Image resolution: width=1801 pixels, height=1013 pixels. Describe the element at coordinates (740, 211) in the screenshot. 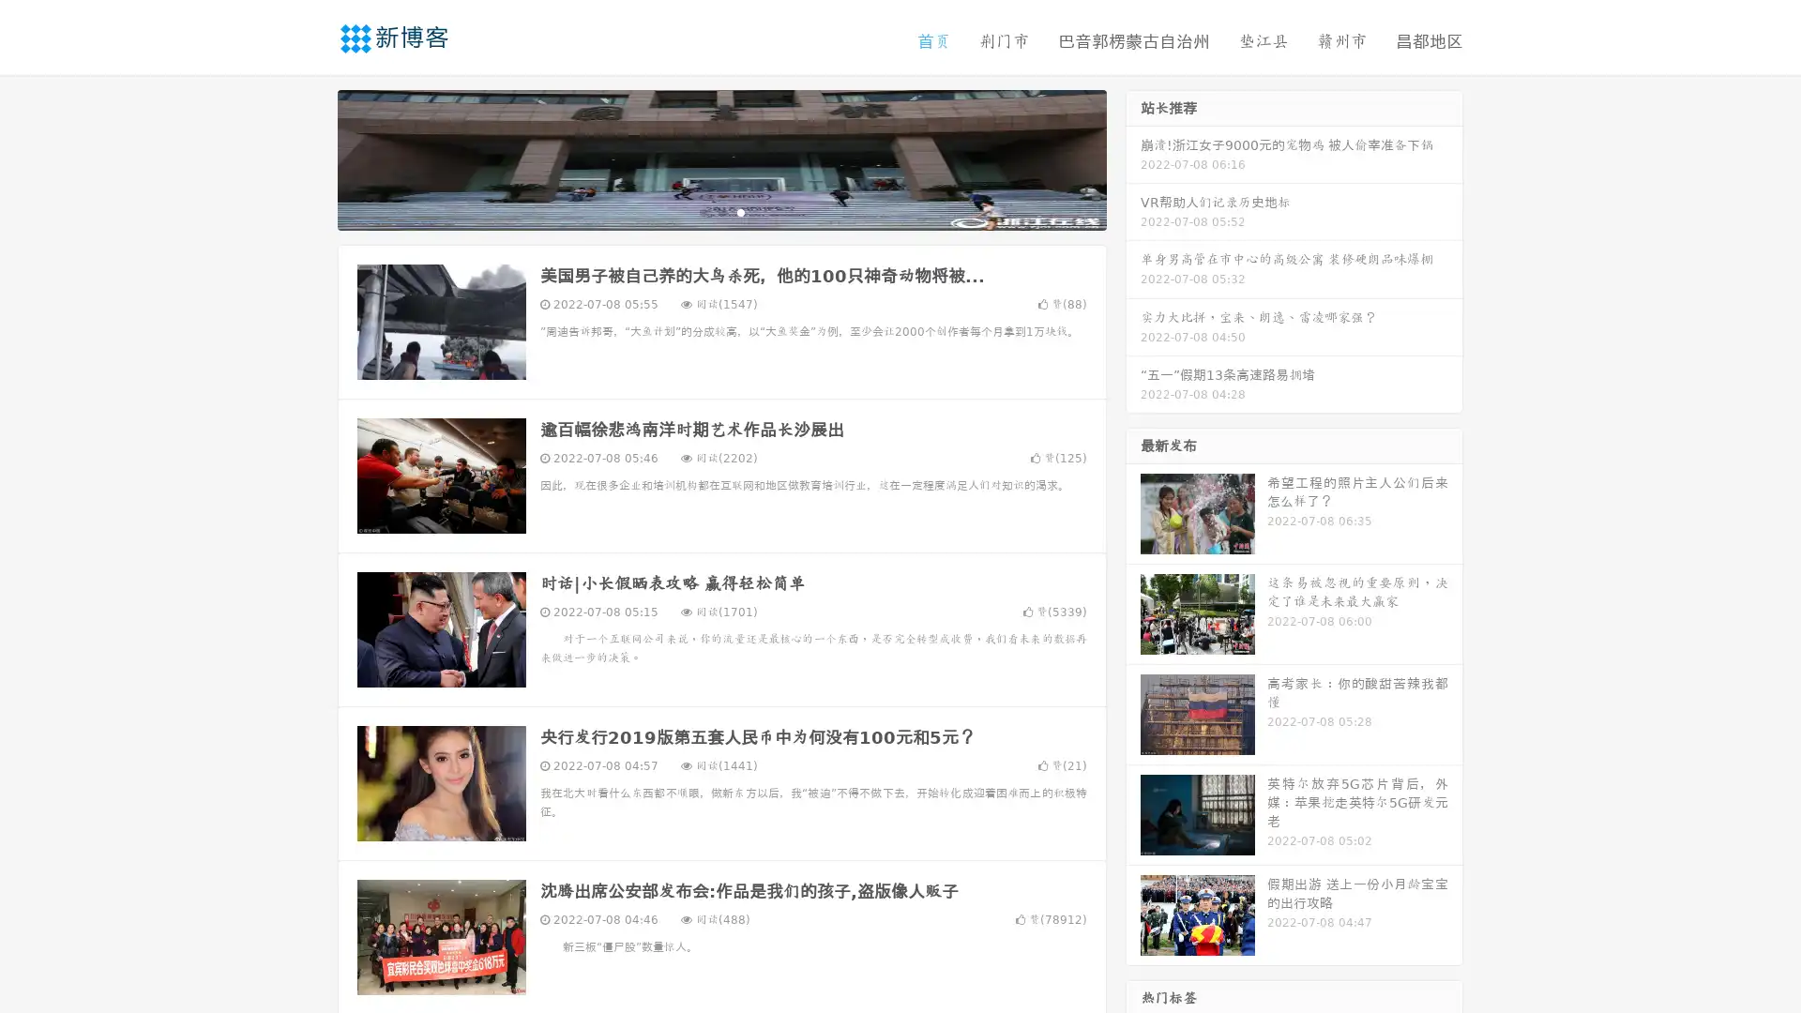

I see `Go to slide 3` at that location.